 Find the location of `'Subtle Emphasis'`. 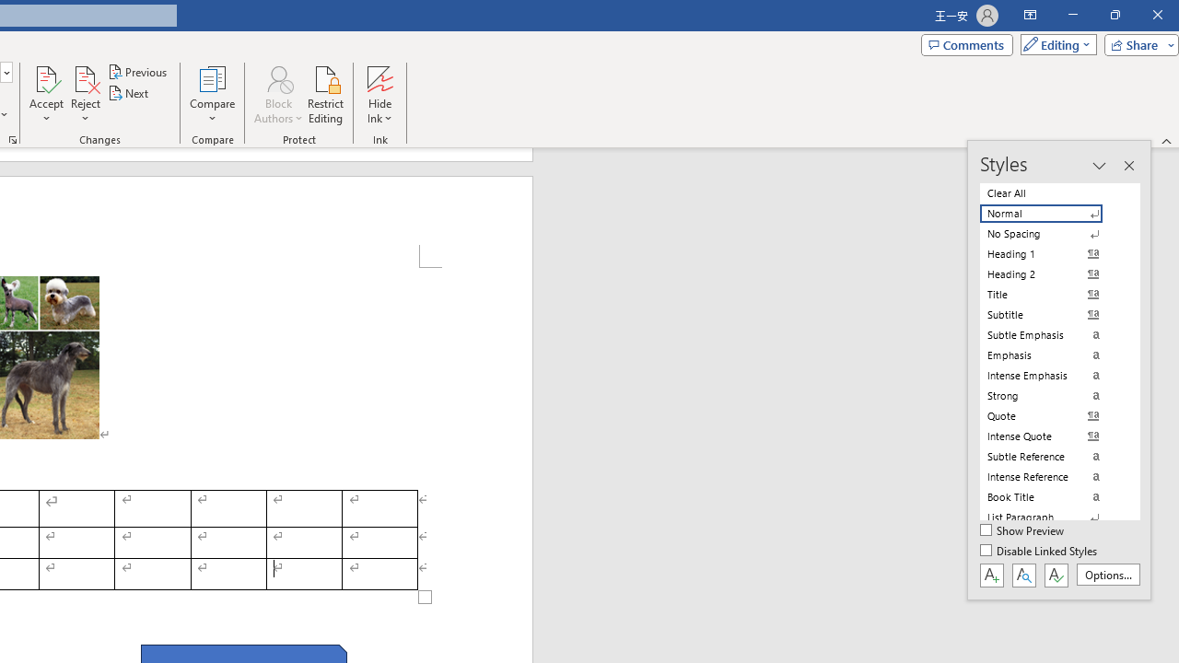

'Subtle Emphasis' is located at coordinates (1052, 334).